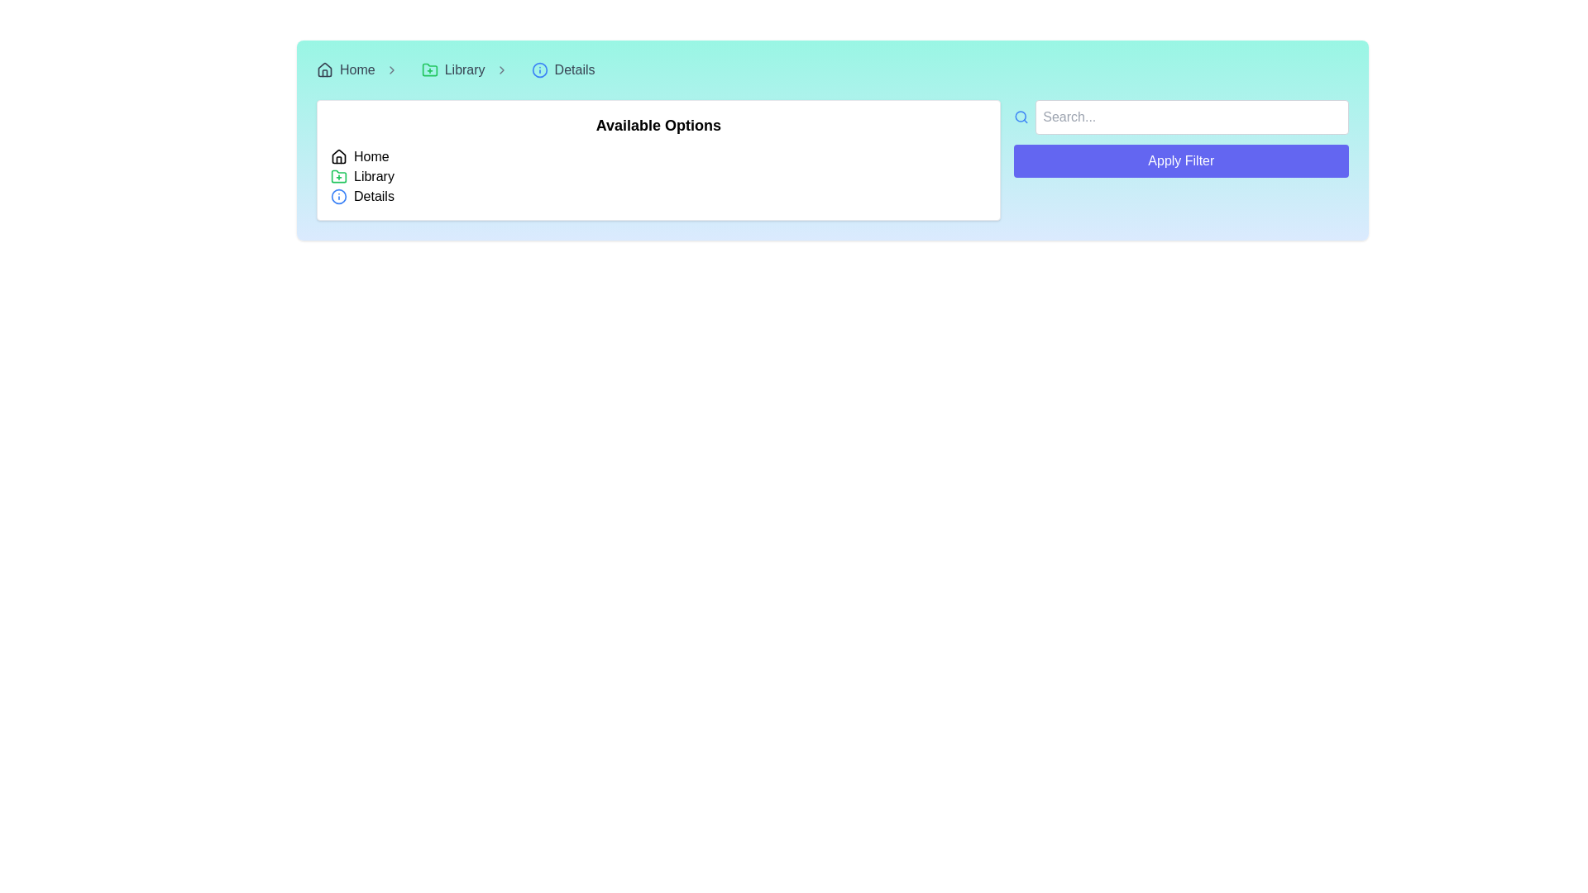 The image size is (1588, 893). Describe the element at coordinates (429, 69) in the screenshot. I see `the addition icon located before the 'Library' text in the navigation bar` at that location.